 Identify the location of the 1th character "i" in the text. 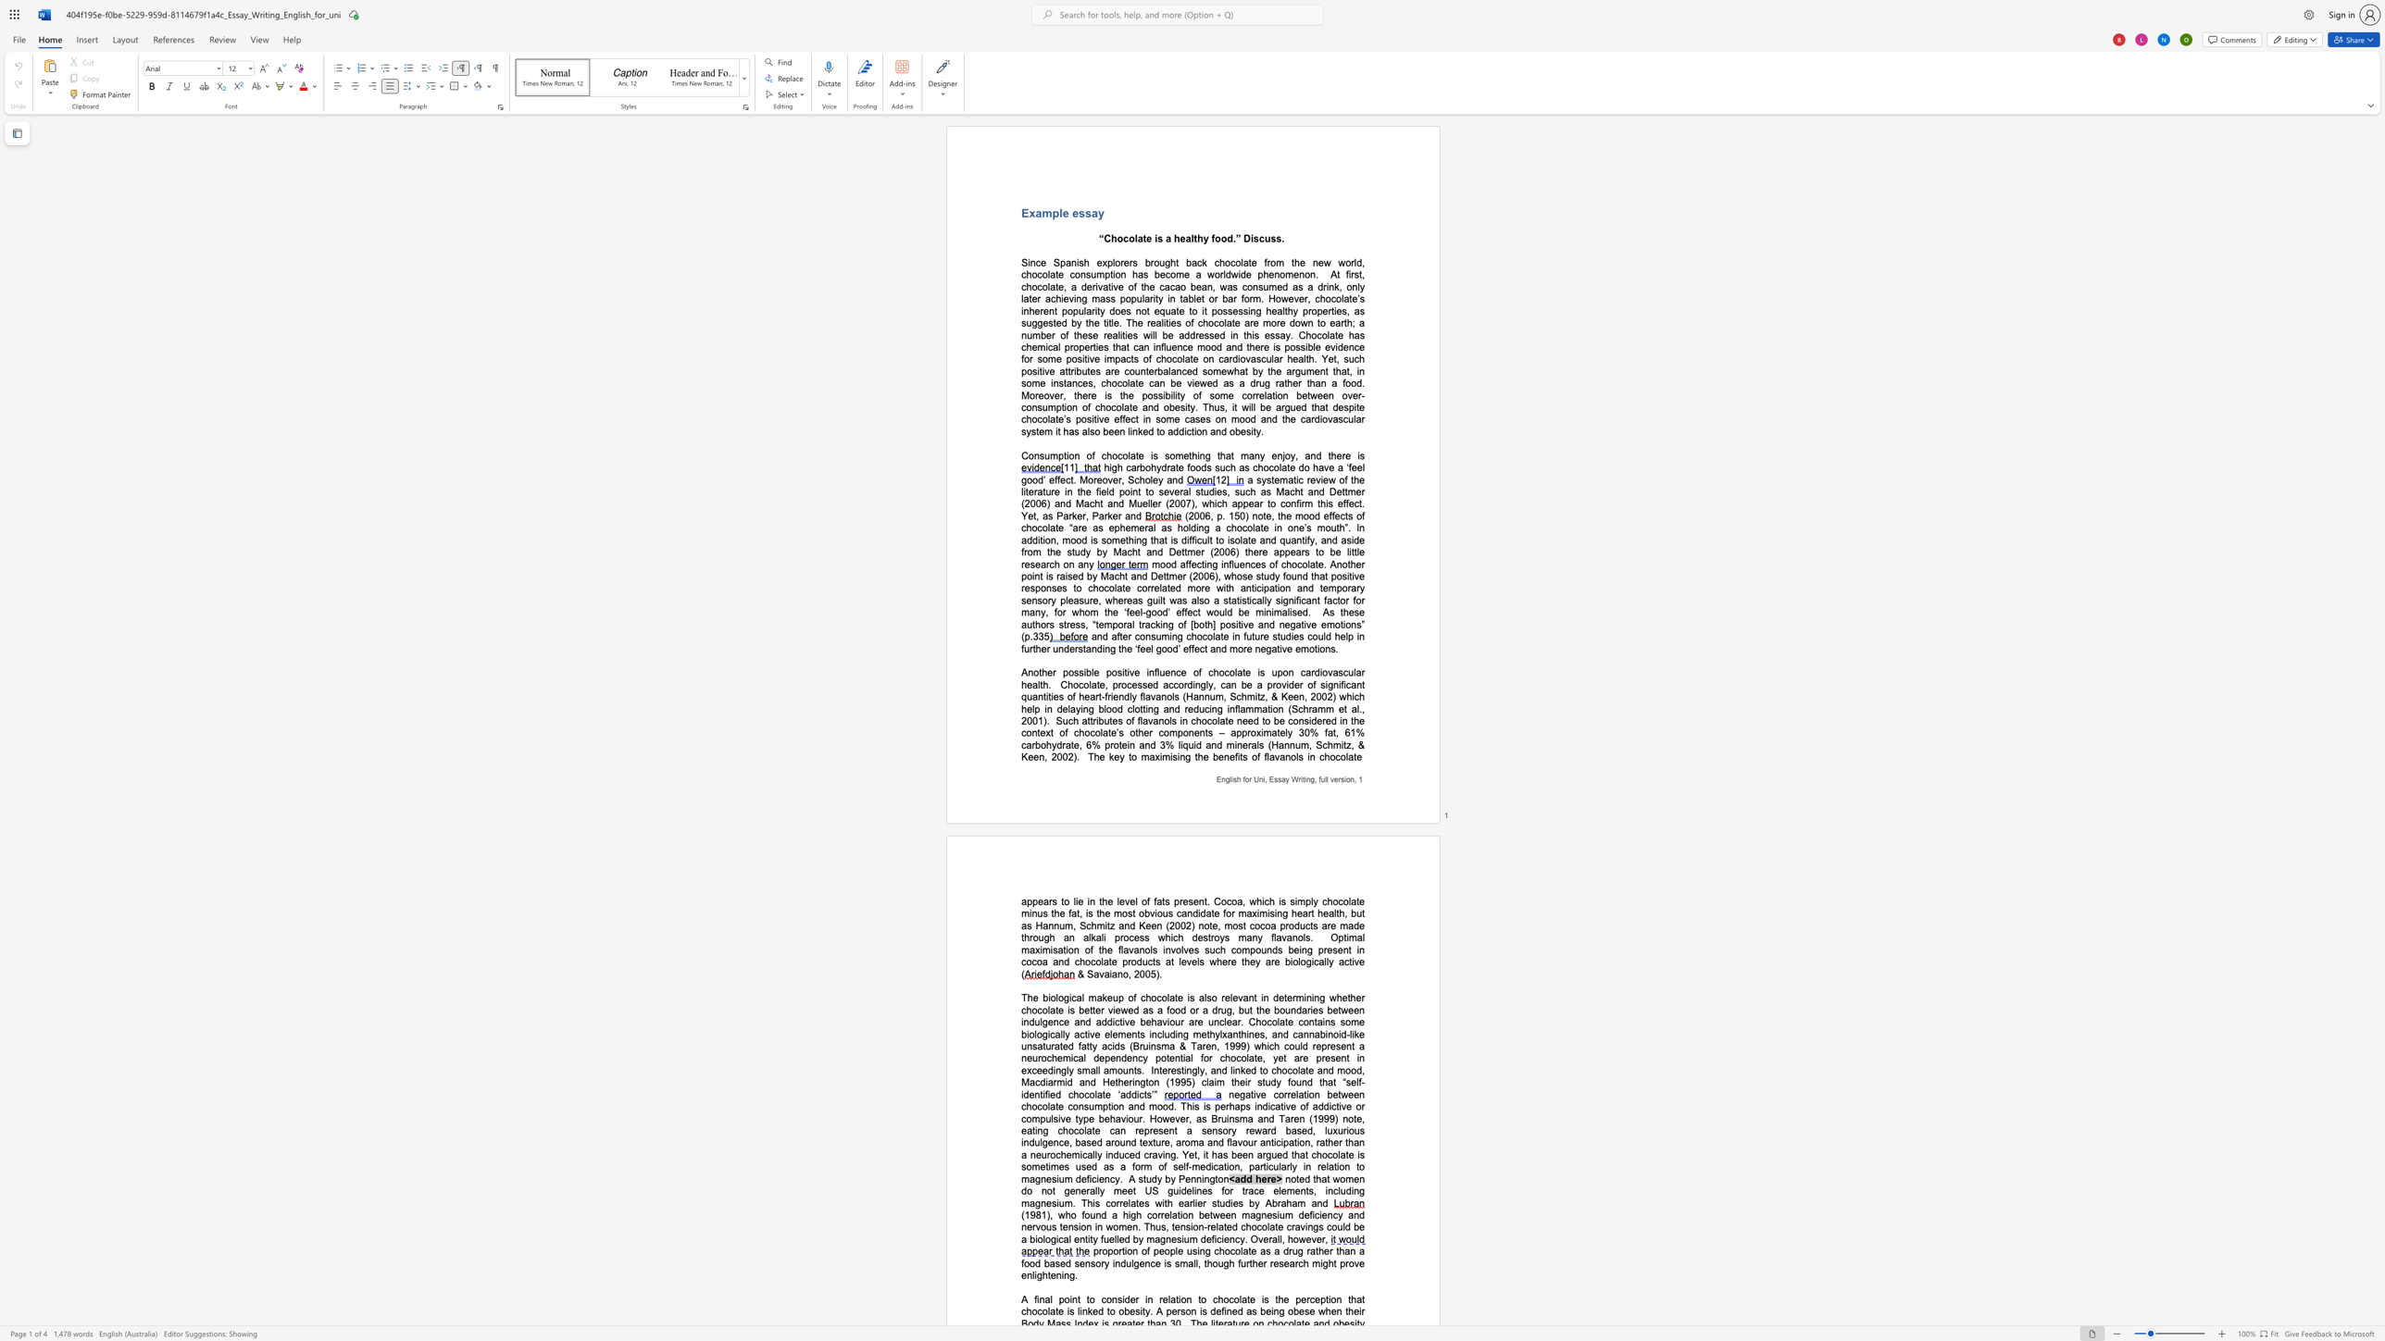
(1037, 1298).